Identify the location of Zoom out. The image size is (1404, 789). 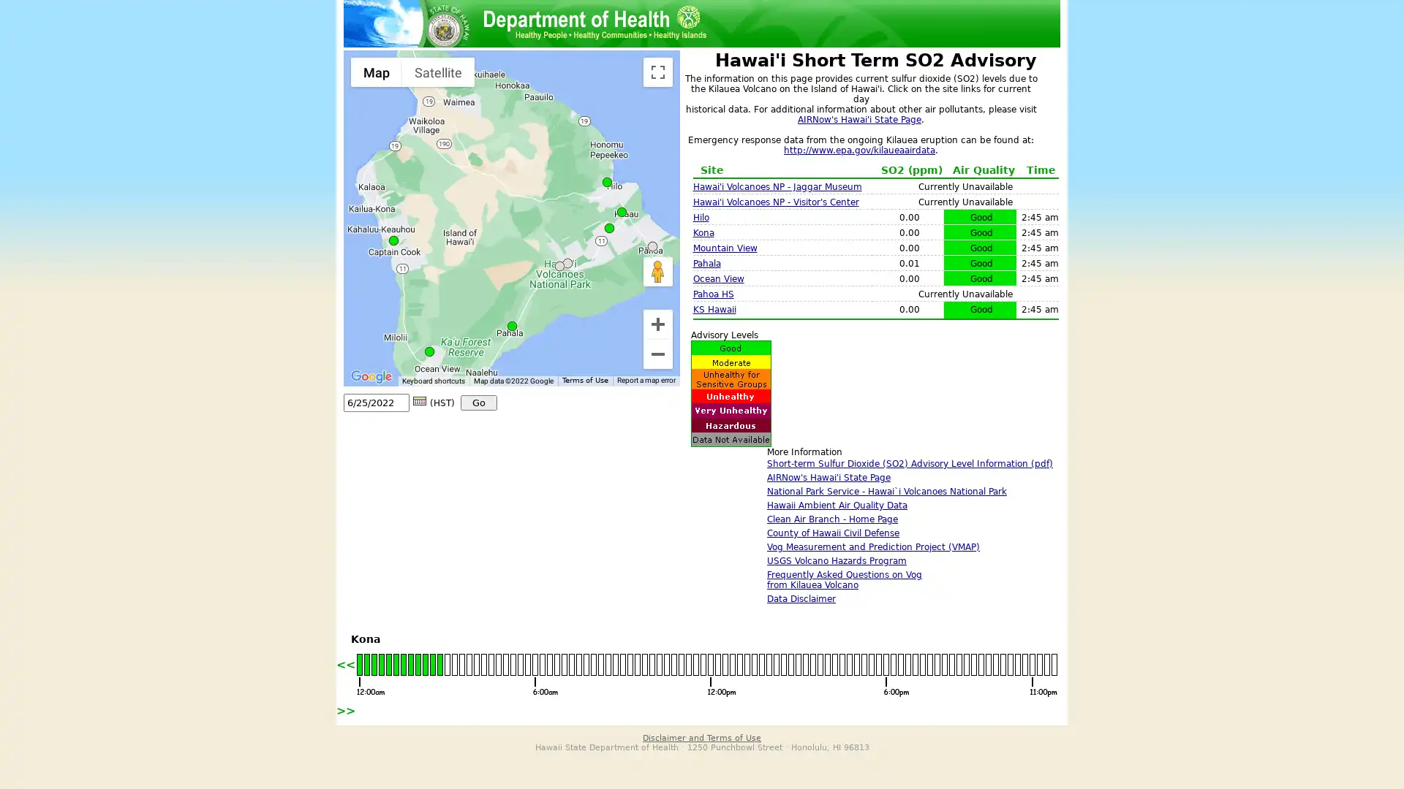
(657, 354).